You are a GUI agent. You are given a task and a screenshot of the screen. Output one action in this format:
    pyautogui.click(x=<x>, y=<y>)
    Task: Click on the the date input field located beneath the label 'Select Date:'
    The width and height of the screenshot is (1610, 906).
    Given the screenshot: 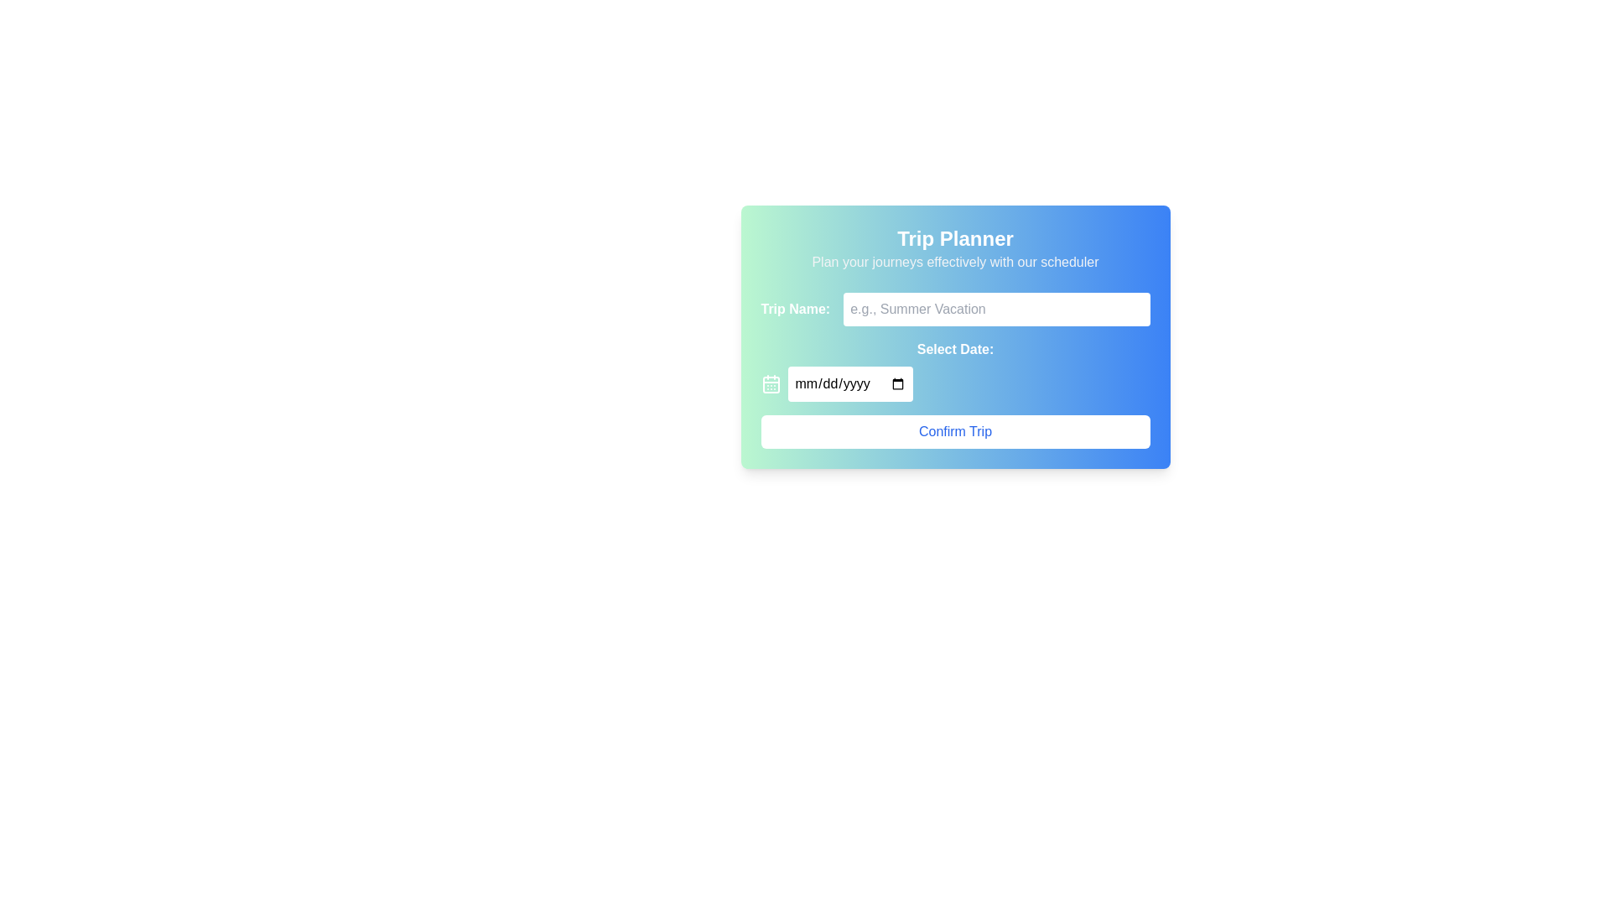 What is the action you would take?
    pyautogui.click(x=849, y=384)
    